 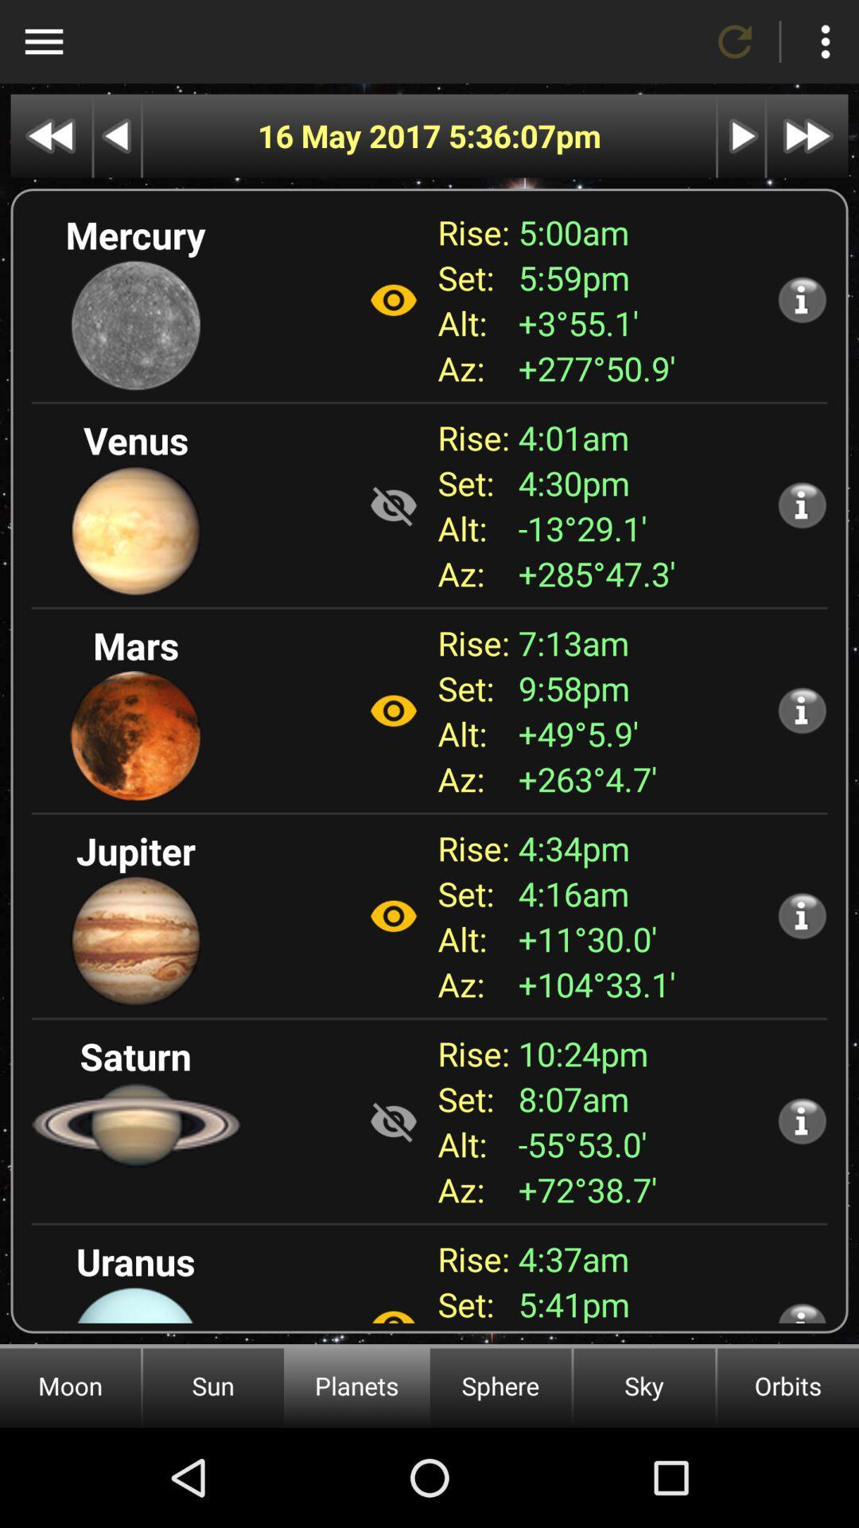 I want to click on information, so click(x=802, y=504).